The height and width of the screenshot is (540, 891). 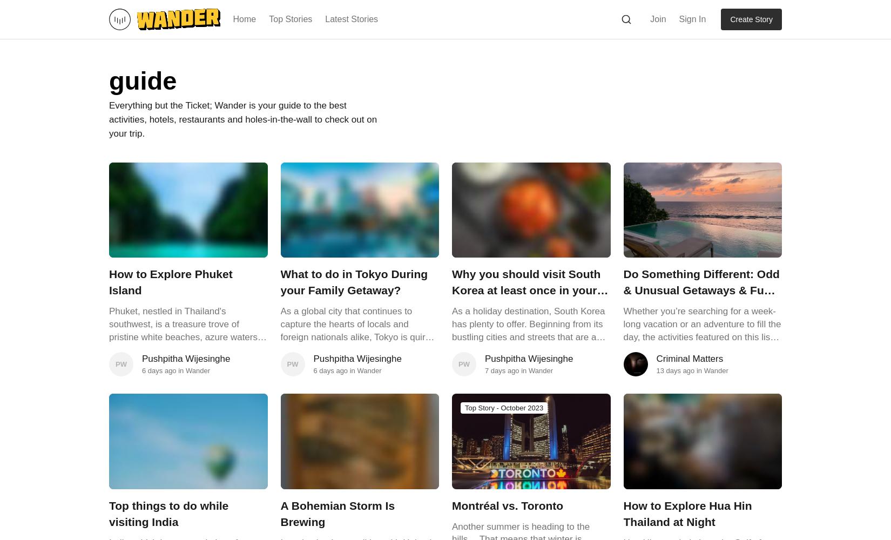 I want to click on 'Create Story', so click(x=730, y=19).